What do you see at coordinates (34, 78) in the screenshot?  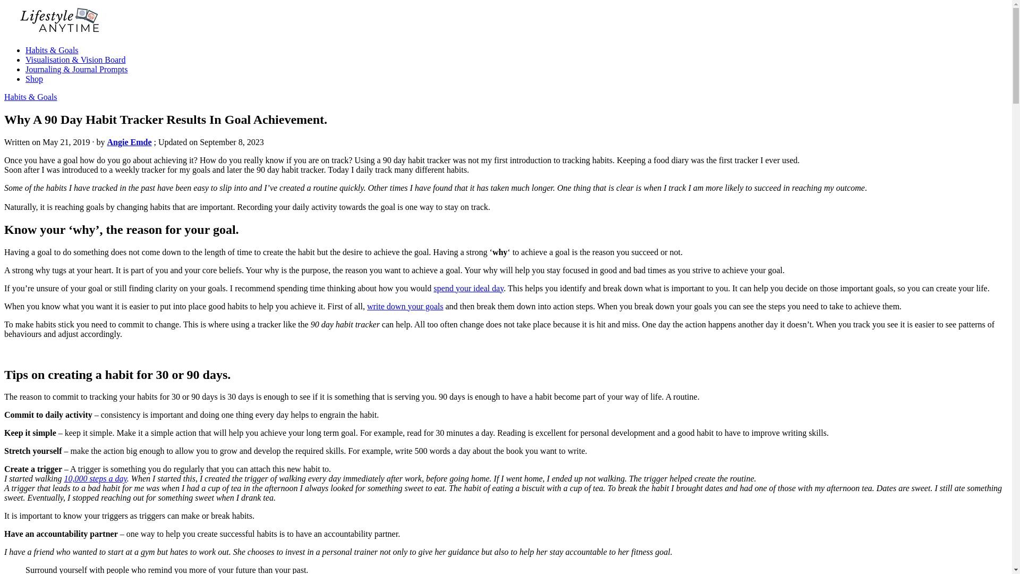 I see `'Shop'` at bounding box center [34, 78].